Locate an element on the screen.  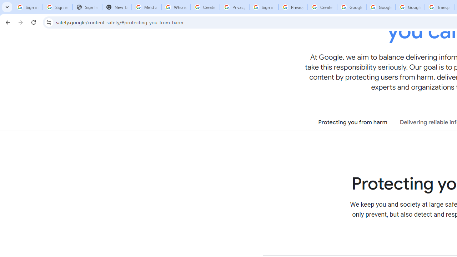
'Protecting you from harm' is located at coordinates (353, 122).